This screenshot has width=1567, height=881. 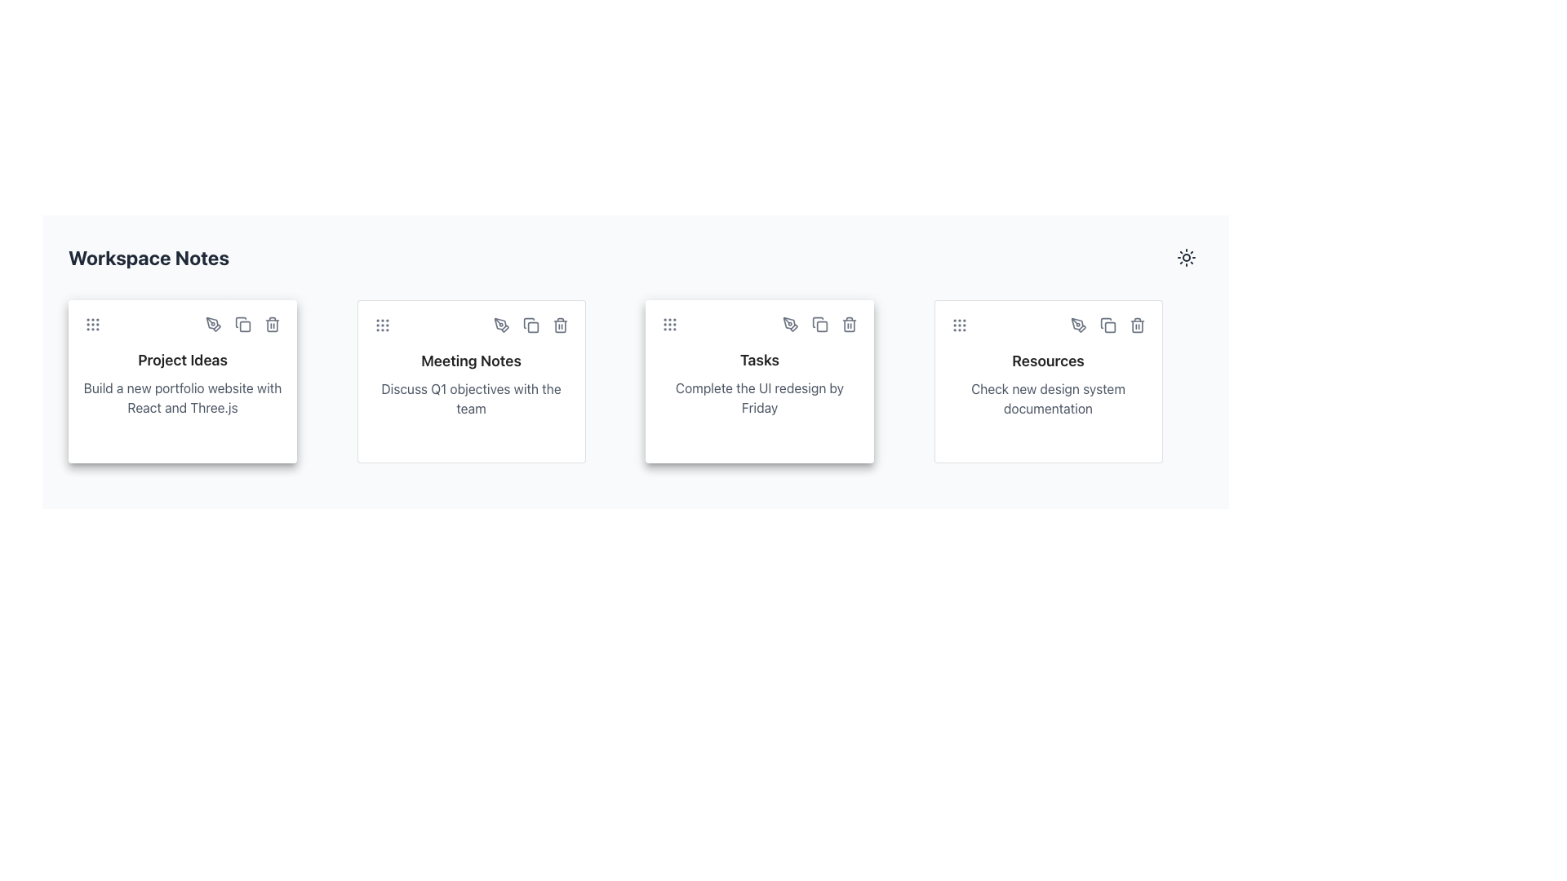 I want to click on the drag handle located at the top-left corner of the 'Resources' card, which is the fourth card in the 'Workspace Notes' section, to activate the hover effect, so click(x=959, y=325).